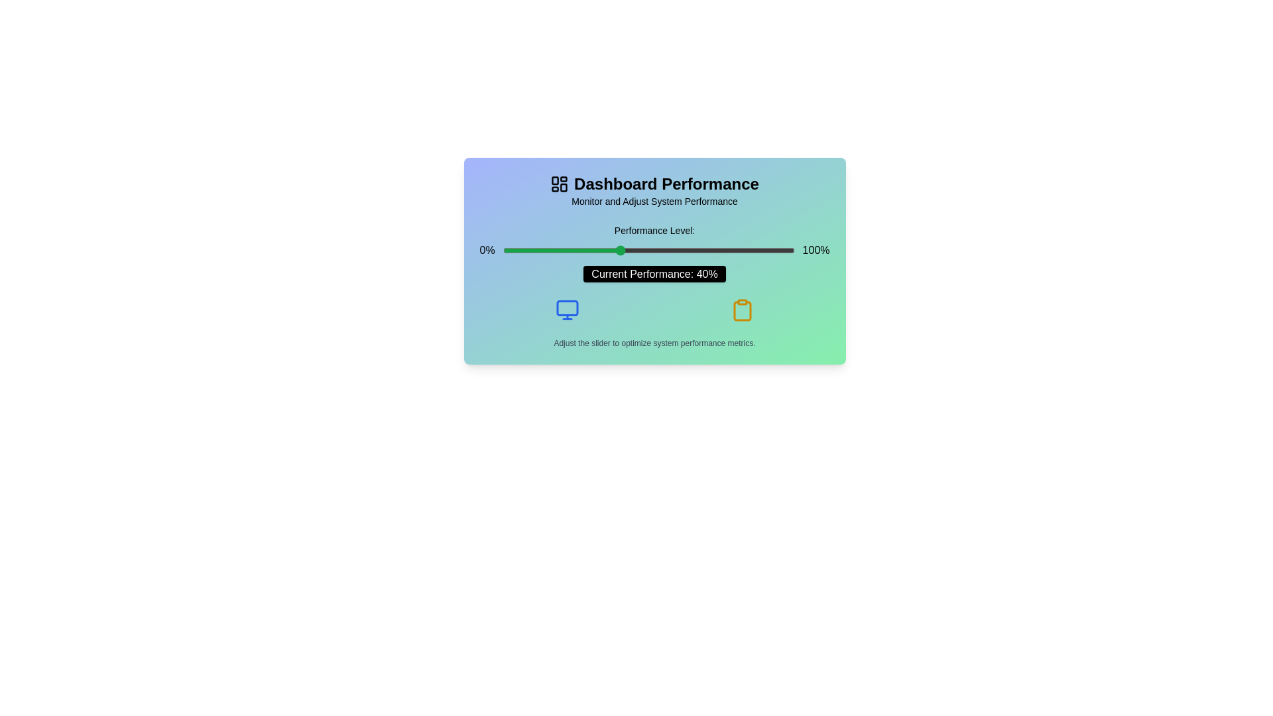  I want to click on the slider to set the performance level to 16%, so click(550, 251).